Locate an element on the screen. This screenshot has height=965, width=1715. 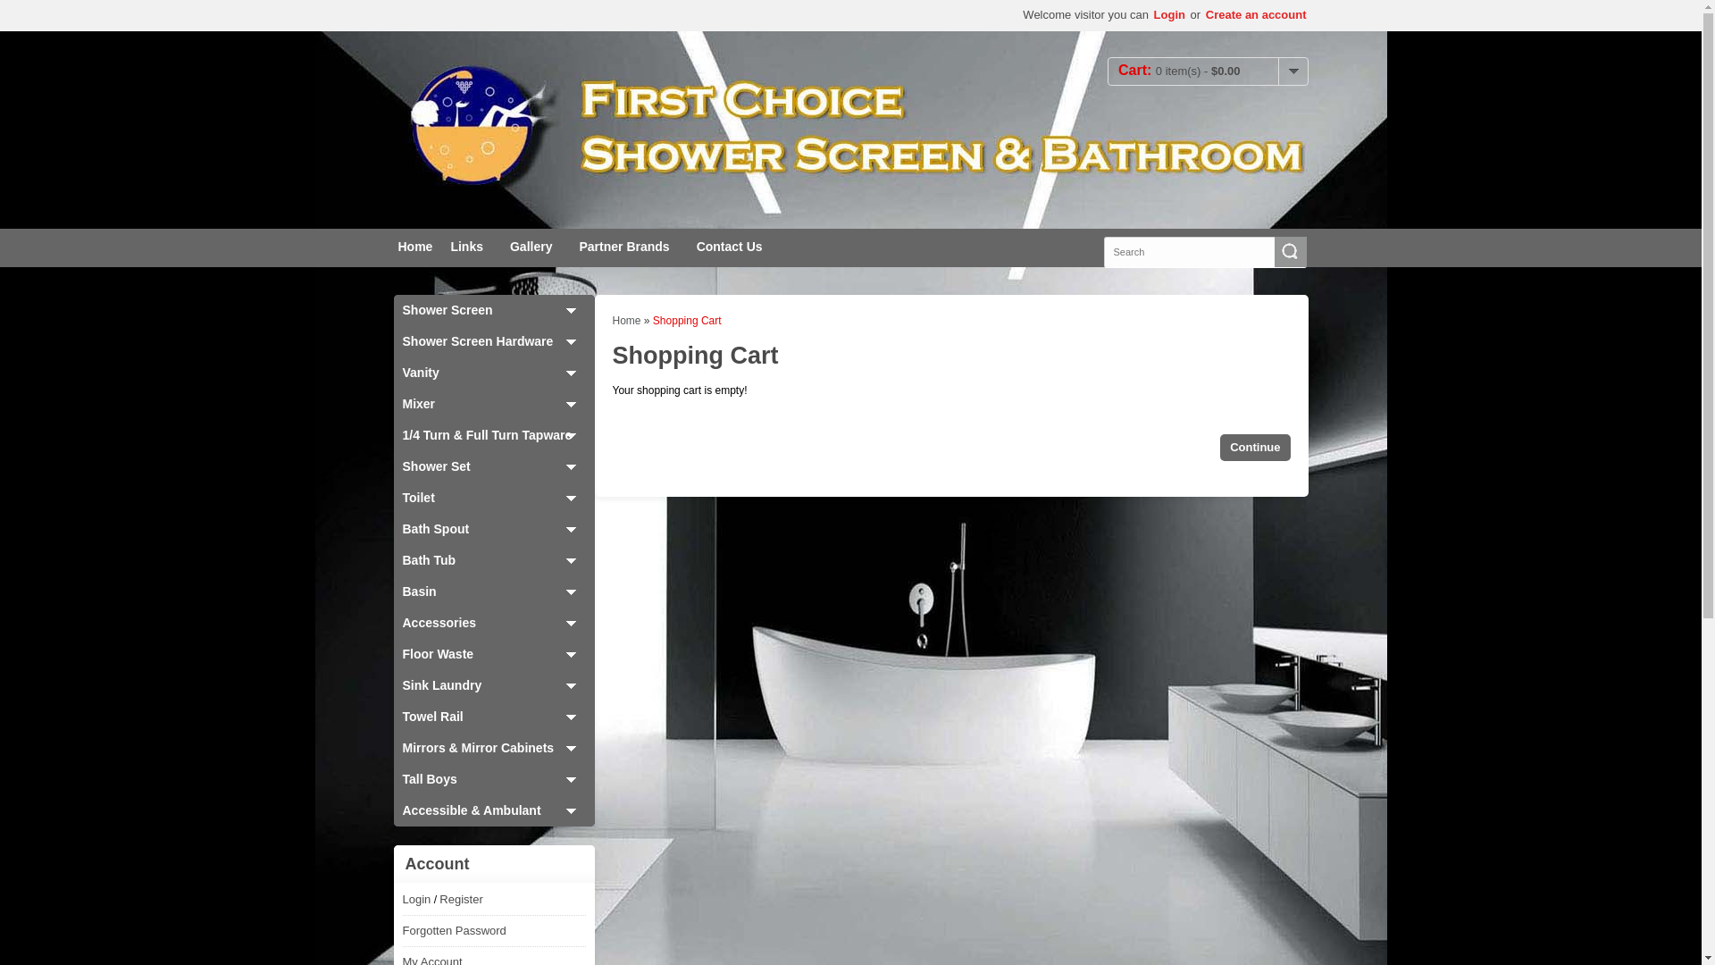
'1/4 Turn & Full Turn Tapware' is located at coordinates (493, 435).